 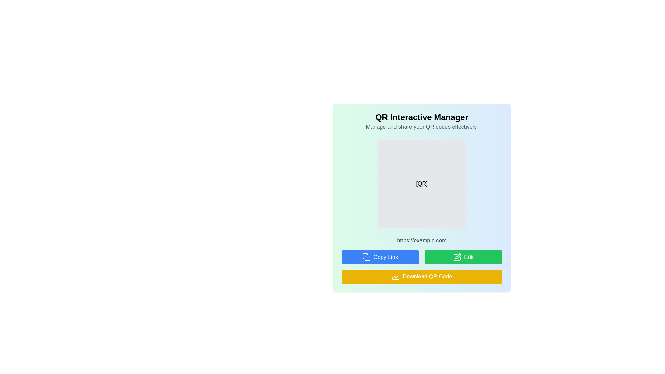 I want to click on the 'Edit' button located in the grid layout, which is the second button in the row beneath the QR code, so click(x=463, y=257).